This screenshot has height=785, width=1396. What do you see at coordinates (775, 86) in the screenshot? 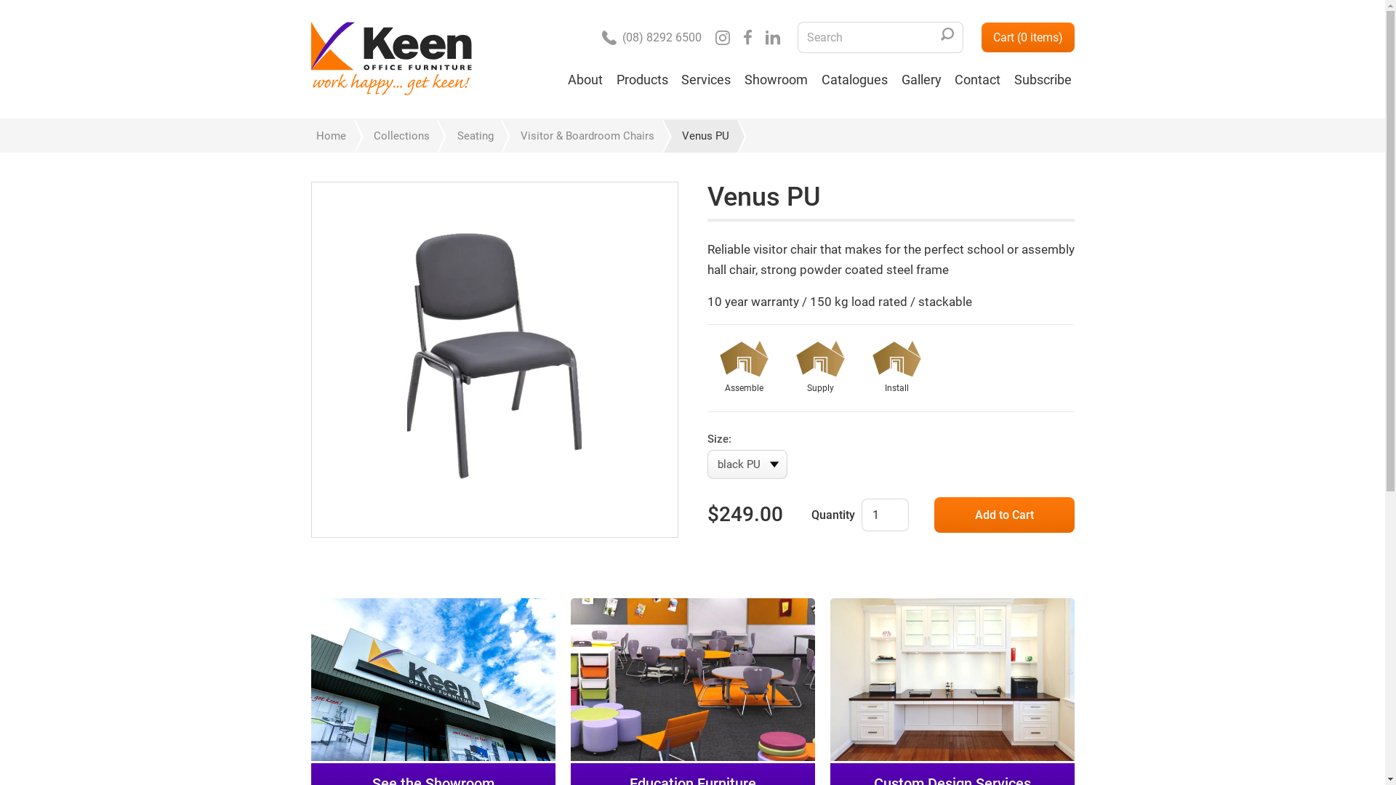
I see `'Showroom'` at bounding box center [775, 86].